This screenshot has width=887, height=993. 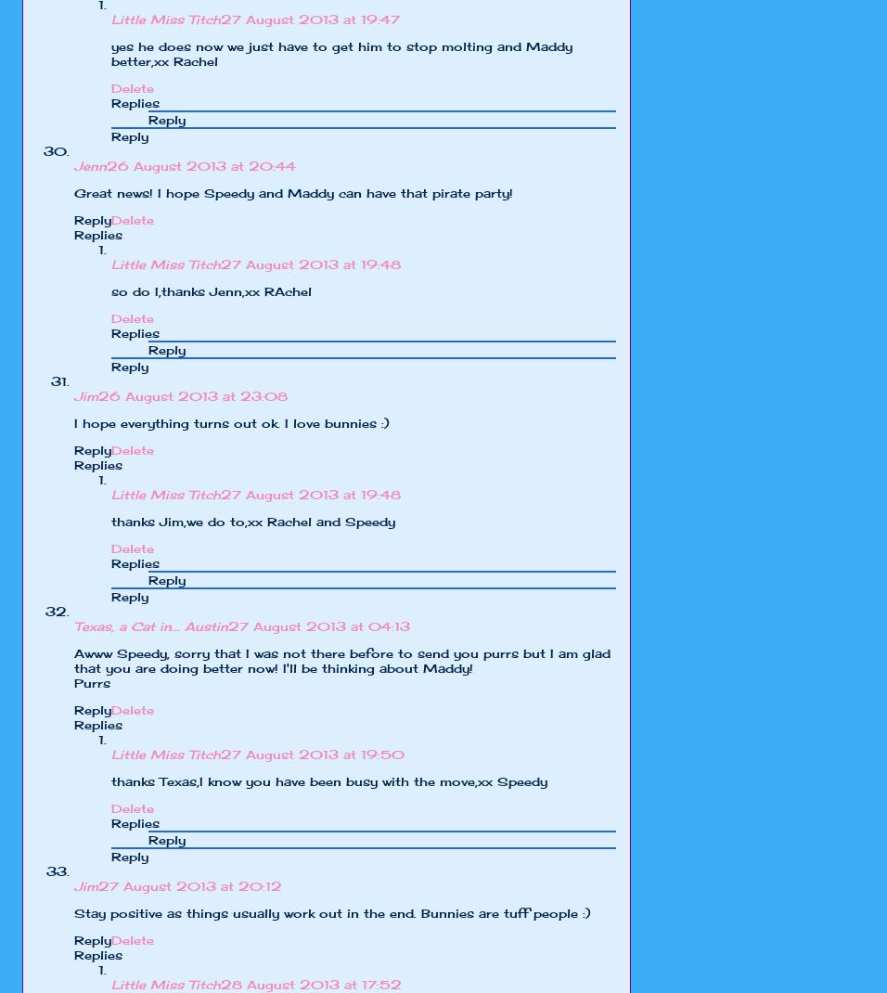 What do you see at coordinates (221, 18) in the screenshot?
I see `'27 August 2013 at 19:47'` at bounding box center [221, 18].